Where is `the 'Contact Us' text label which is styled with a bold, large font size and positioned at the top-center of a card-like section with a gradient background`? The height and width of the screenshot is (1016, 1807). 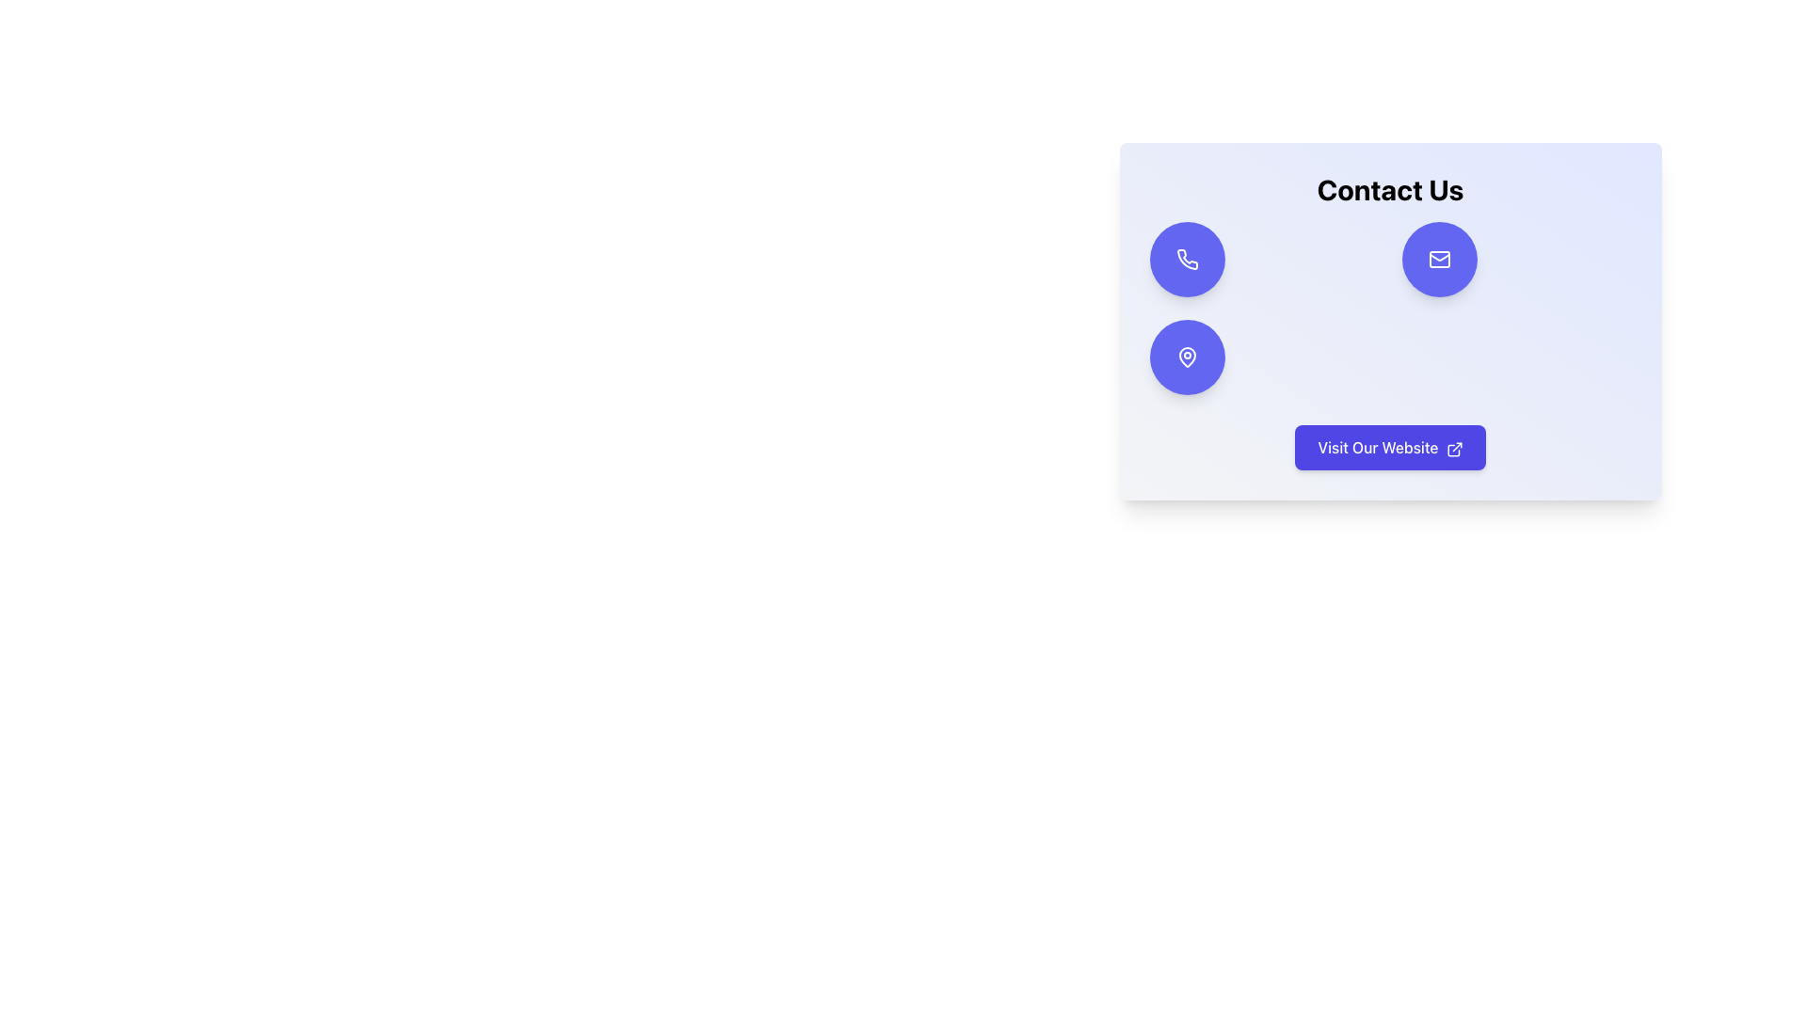
the 'Contact Us' text label which is styled with a bold, large font size and positioned at the top-center of a card-like section with a gradient background is located at coordinates (1390, 189).